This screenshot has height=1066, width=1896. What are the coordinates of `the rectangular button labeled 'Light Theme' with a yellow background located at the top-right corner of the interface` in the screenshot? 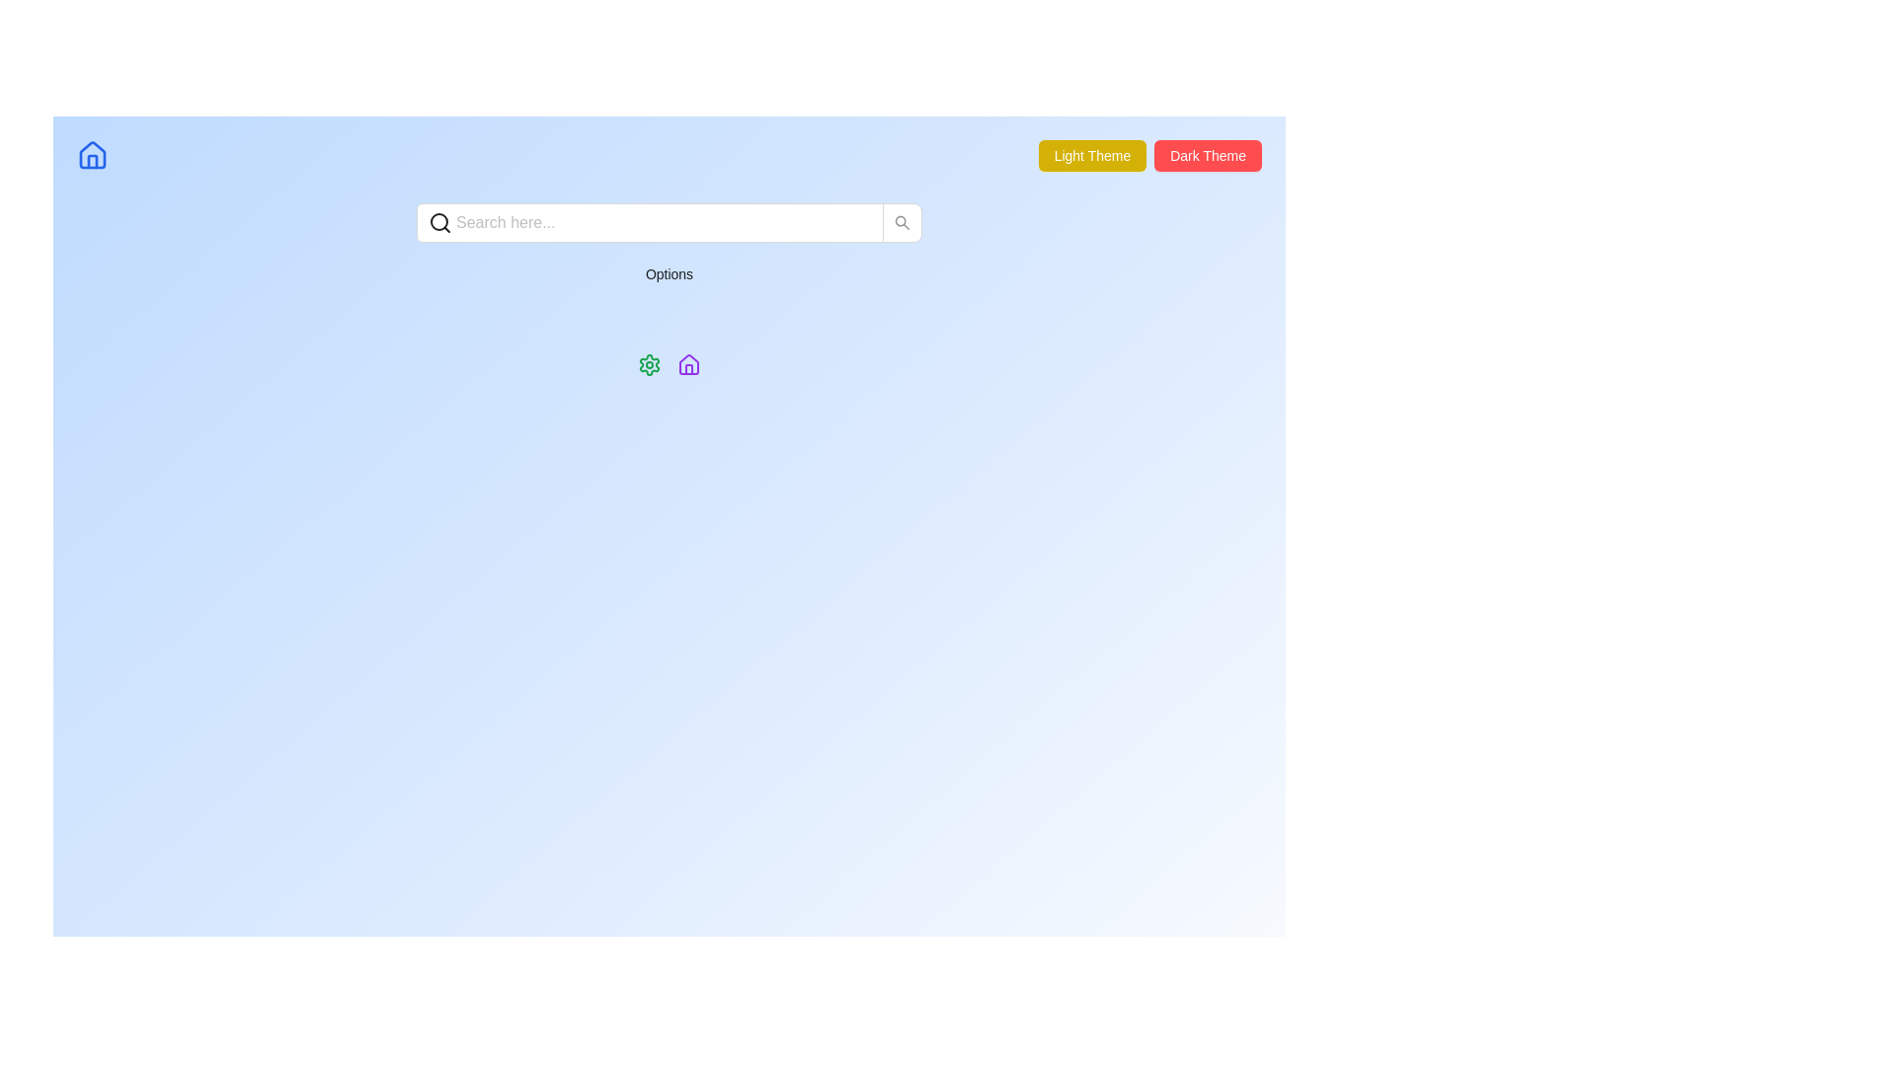 It's located at (1091, 155).